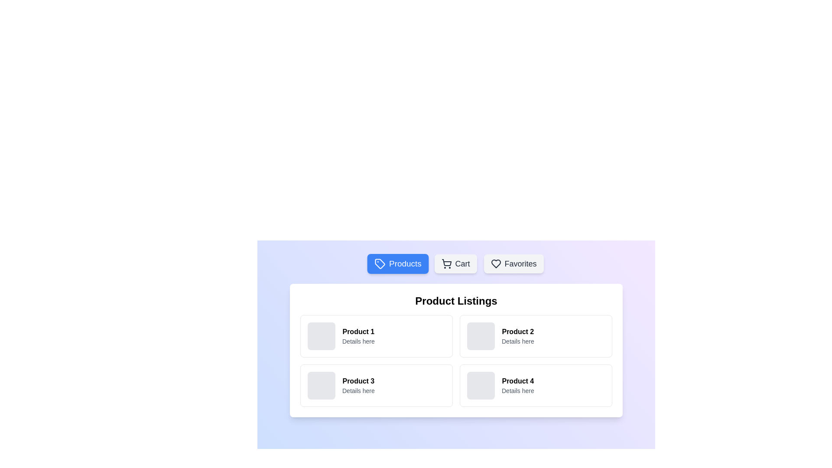 This screenshot has height=468, width=832. Describe the element at coordinates (321, 385) in the screenshot. I see `the decorative UI component associated with 'Product 3', located at the bottom left of the product listings grid` at that location.